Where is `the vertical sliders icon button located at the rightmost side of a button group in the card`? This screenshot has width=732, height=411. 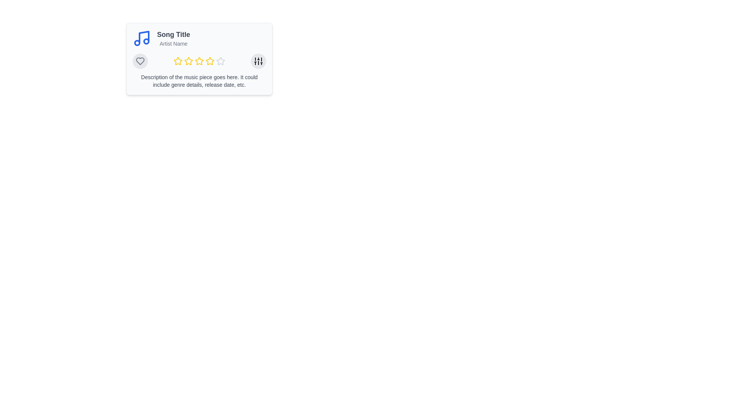
the vertical sliders icon button located at the rightmost side of a button group in the card is located at coordinates (258, 61).